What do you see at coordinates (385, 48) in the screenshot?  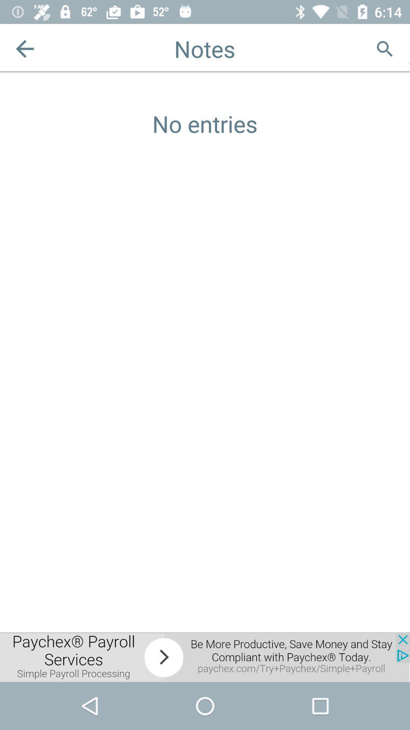 I see `the search icon` at bounding box center [385, 48].